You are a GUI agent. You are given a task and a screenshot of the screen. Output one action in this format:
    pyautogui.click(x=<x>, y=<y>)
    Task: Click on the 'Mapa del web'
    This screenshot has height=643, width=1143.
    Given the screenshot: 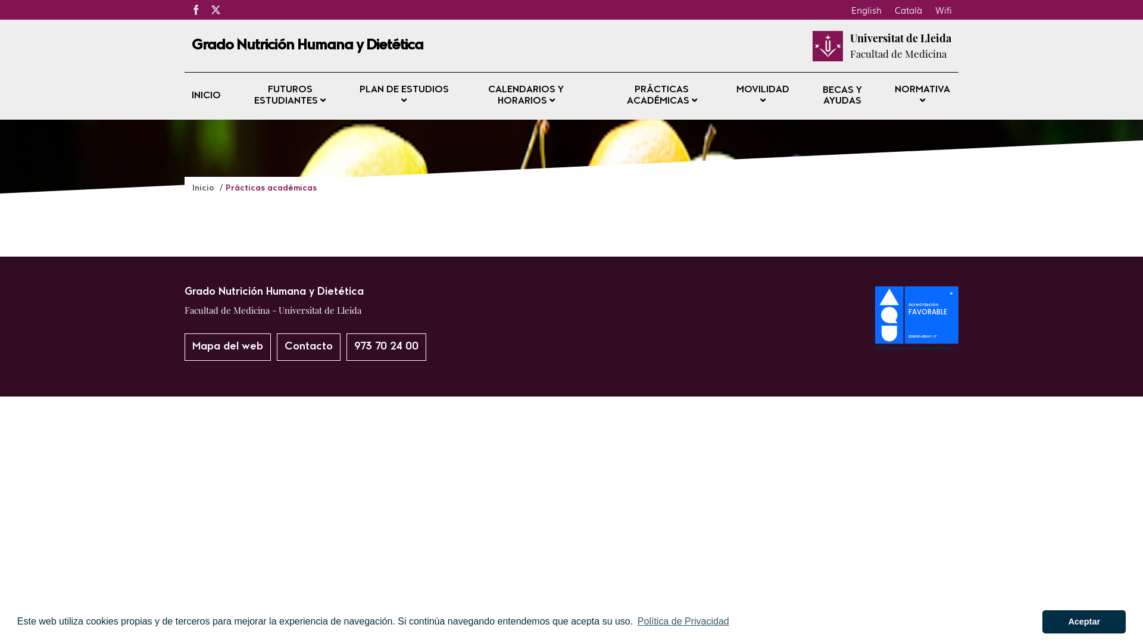 What is the action you would take?
    pyautogui.click(x=227, y=347)
    